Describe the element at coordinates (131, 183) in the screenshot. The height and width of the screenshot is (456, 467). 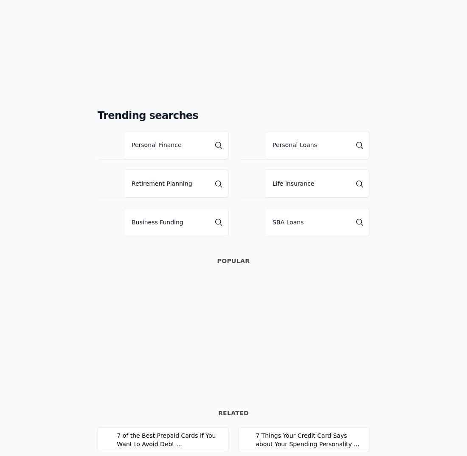
I see `'Retirement Planning'` at that location.